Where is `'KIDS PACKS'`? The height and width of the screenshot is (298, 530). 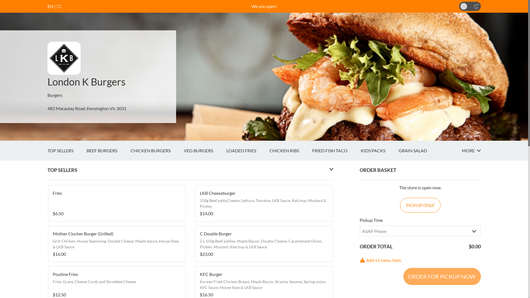
'KIDS PACKS' is located at coordinates (379, 151).